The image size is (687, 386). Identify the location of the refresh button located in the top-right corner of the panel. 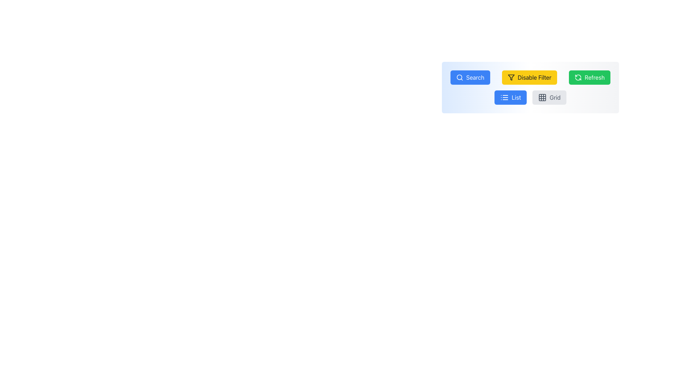
(590, 77).